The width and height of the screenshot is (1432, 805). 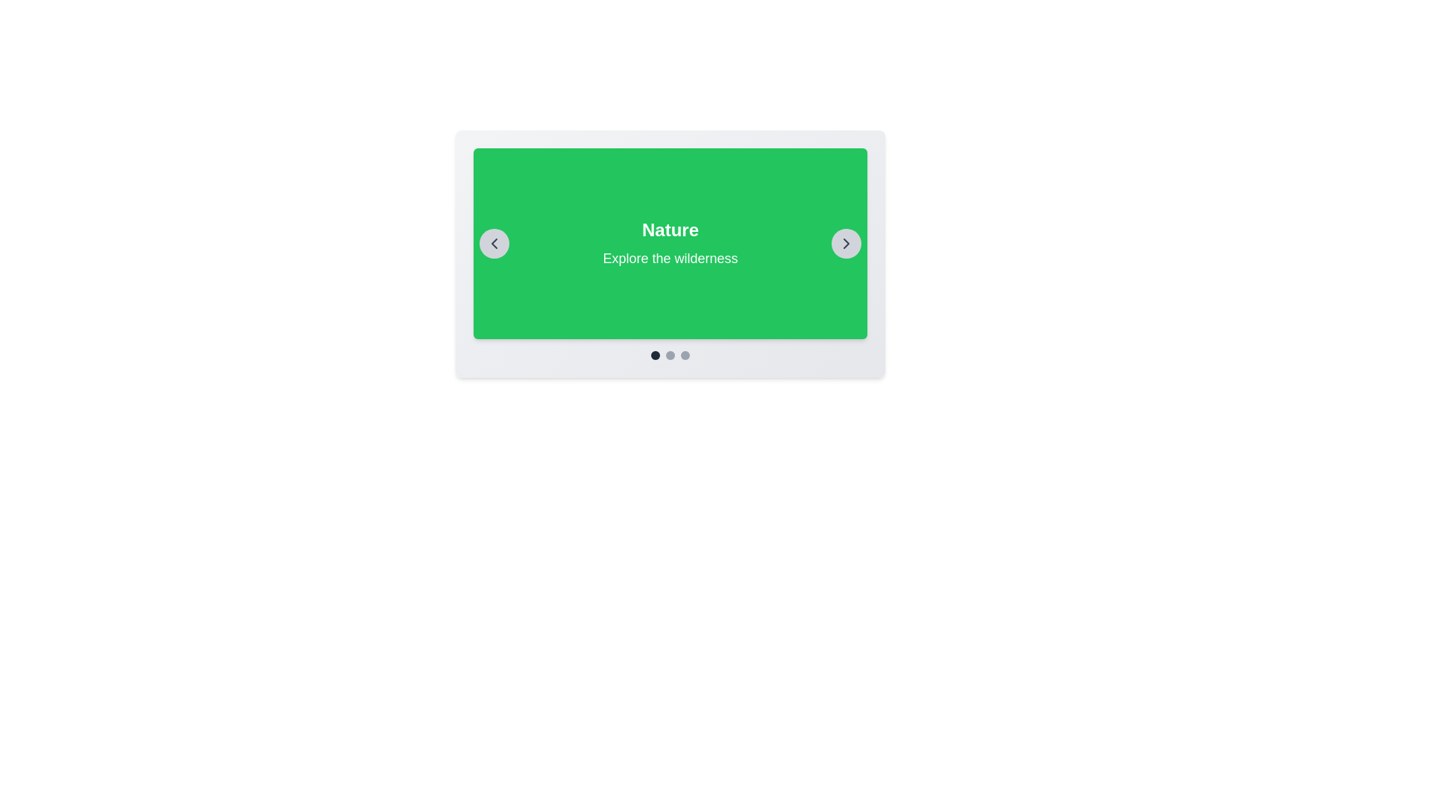 What do you see at coordinates (494, 243) in the screenshot?
I see `the left-pointing chevron icon enclosed in a circular button located at the middle-left border of the green content area` at bounding box center [494, 243].